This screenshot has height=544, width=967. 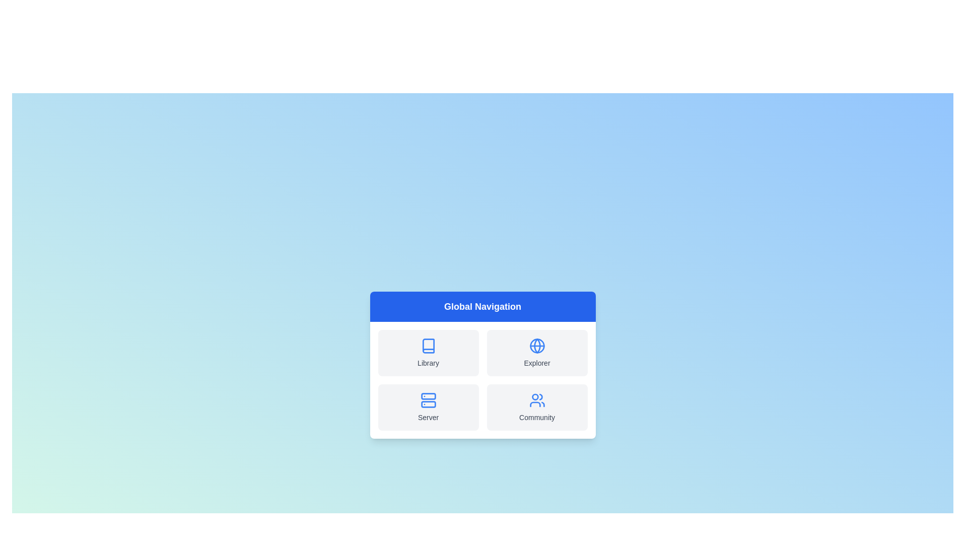 I want to click on the Explorer navigation option, so click(x=536, y=353).